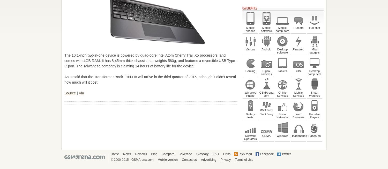  What do you see at coordinates (142, 159) in the screenshot?
I see `'GSMArena.com'` at bounding box center [142, 159].